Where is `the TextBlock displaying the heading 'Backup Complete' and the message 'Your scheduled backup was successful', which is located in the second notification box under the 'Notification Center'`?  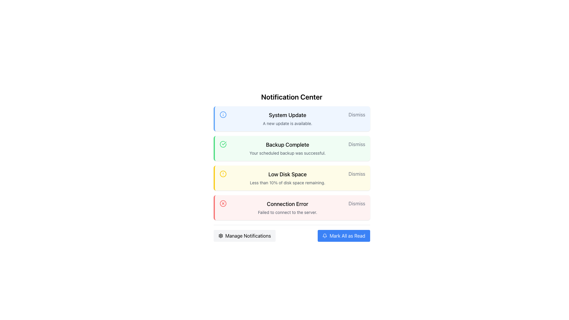 the TextBlock displaying the heading 'Backup Complete' and the message 'Your scheduled backup was successful', which is located in the second notification box under the 'Notification Center' is located at coordinates (287, 148).